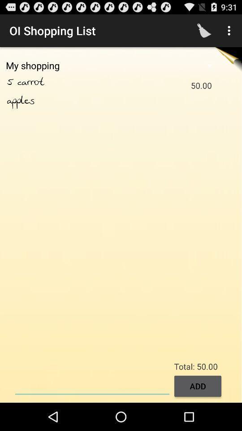 This screenshot has width=242, height=431. Describe the element at coordinates (204, 31) in the screenshot. I see `app next to the oi shopping list item` at that location.